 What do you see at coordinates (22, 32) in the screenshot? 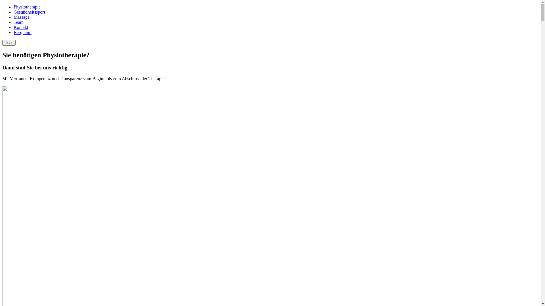
I see `'Bergheim'` at bounding box center [22, 32].